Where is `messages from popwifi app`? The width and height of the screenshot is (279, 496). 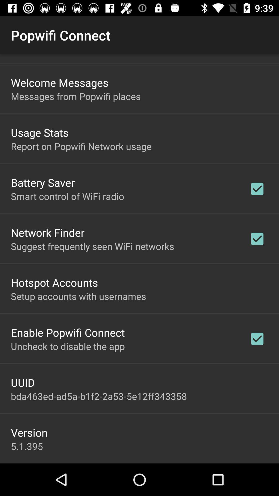 messages from popwifi app is located at coordinates (76, 96).